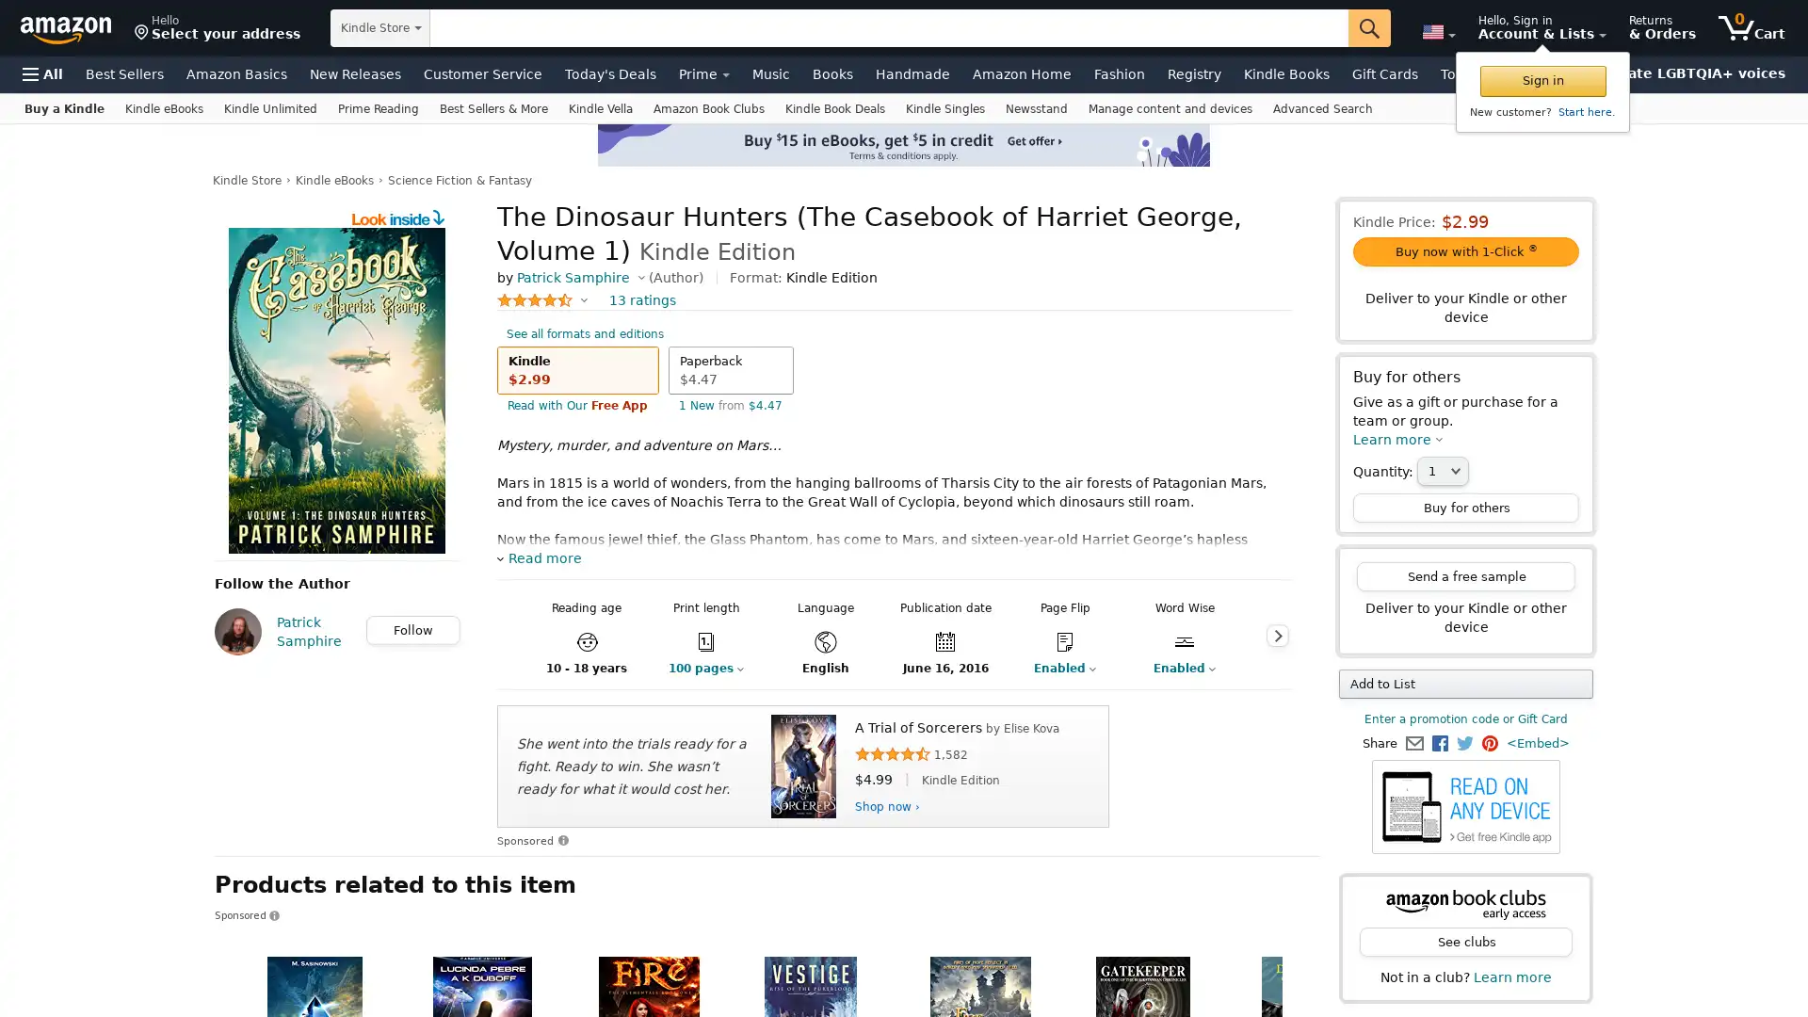 This screenshot has width=1808, height=1017. Describe the element at coordinates (1464, 942) in the screenshot. I see `See clubs` at that location.